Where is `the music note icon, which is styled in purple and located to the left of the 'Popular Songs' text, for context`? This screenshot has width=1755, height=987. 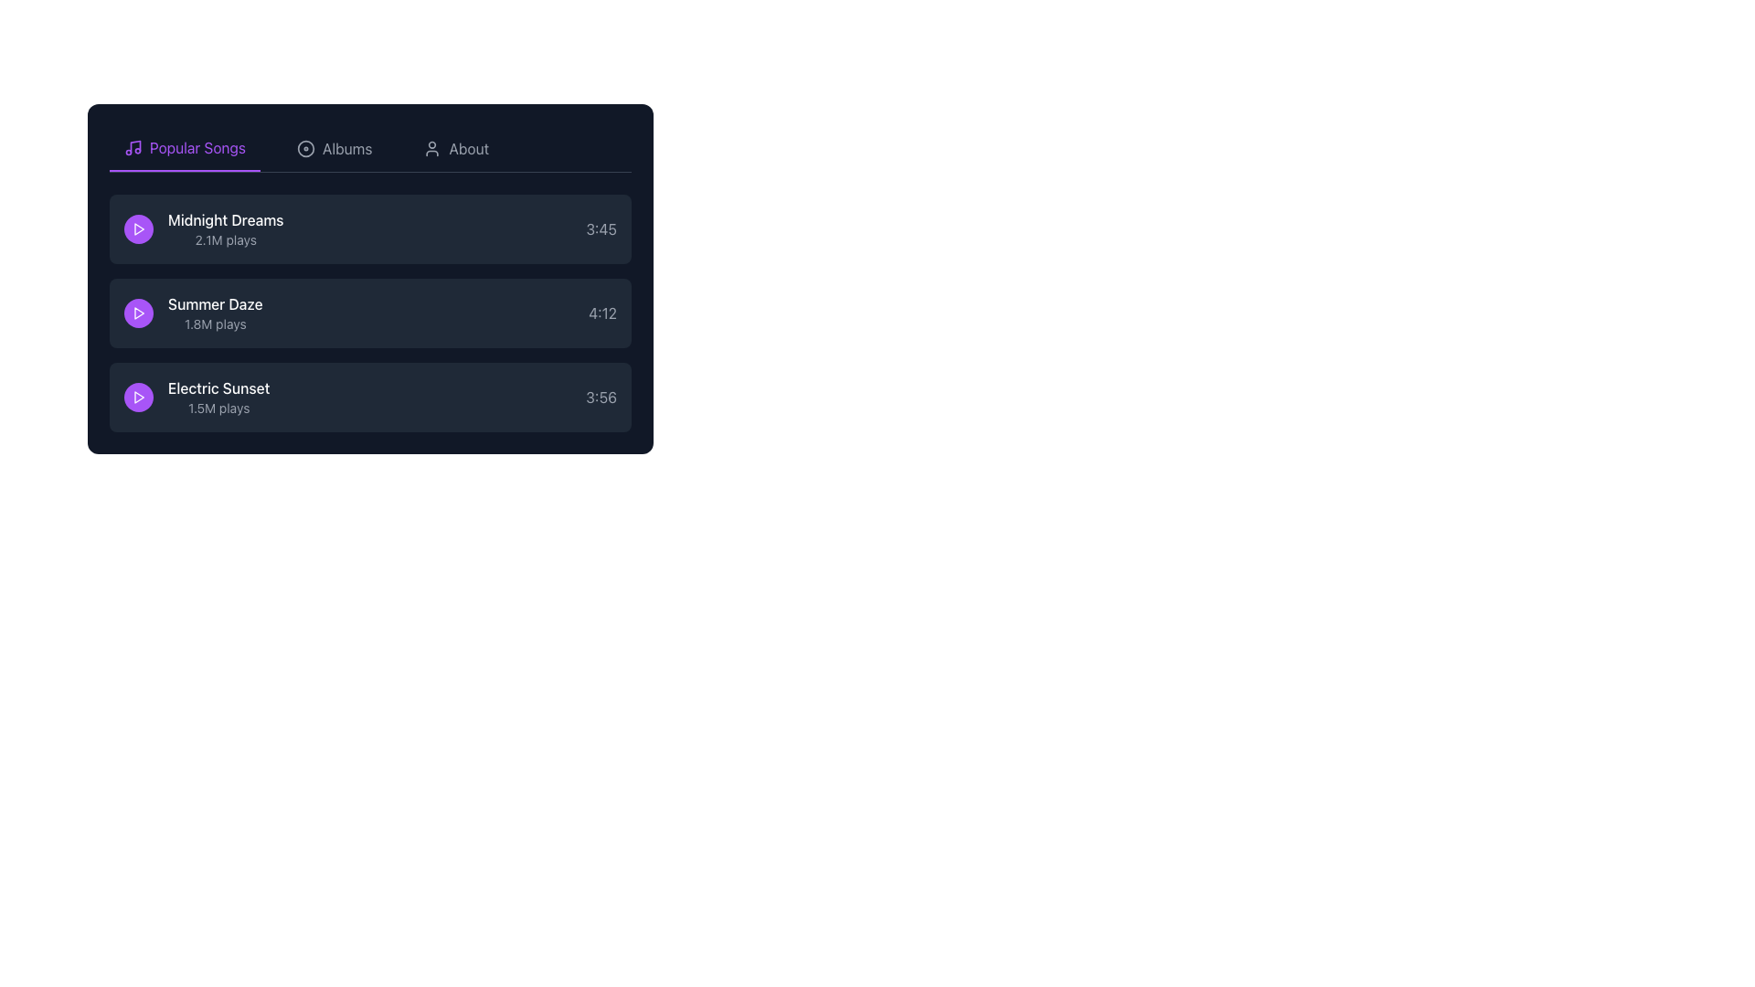 the music note icon, which is styled in purple and located to the left of the 'Popular Songs' text, for context is located at coordinates (132, 147).